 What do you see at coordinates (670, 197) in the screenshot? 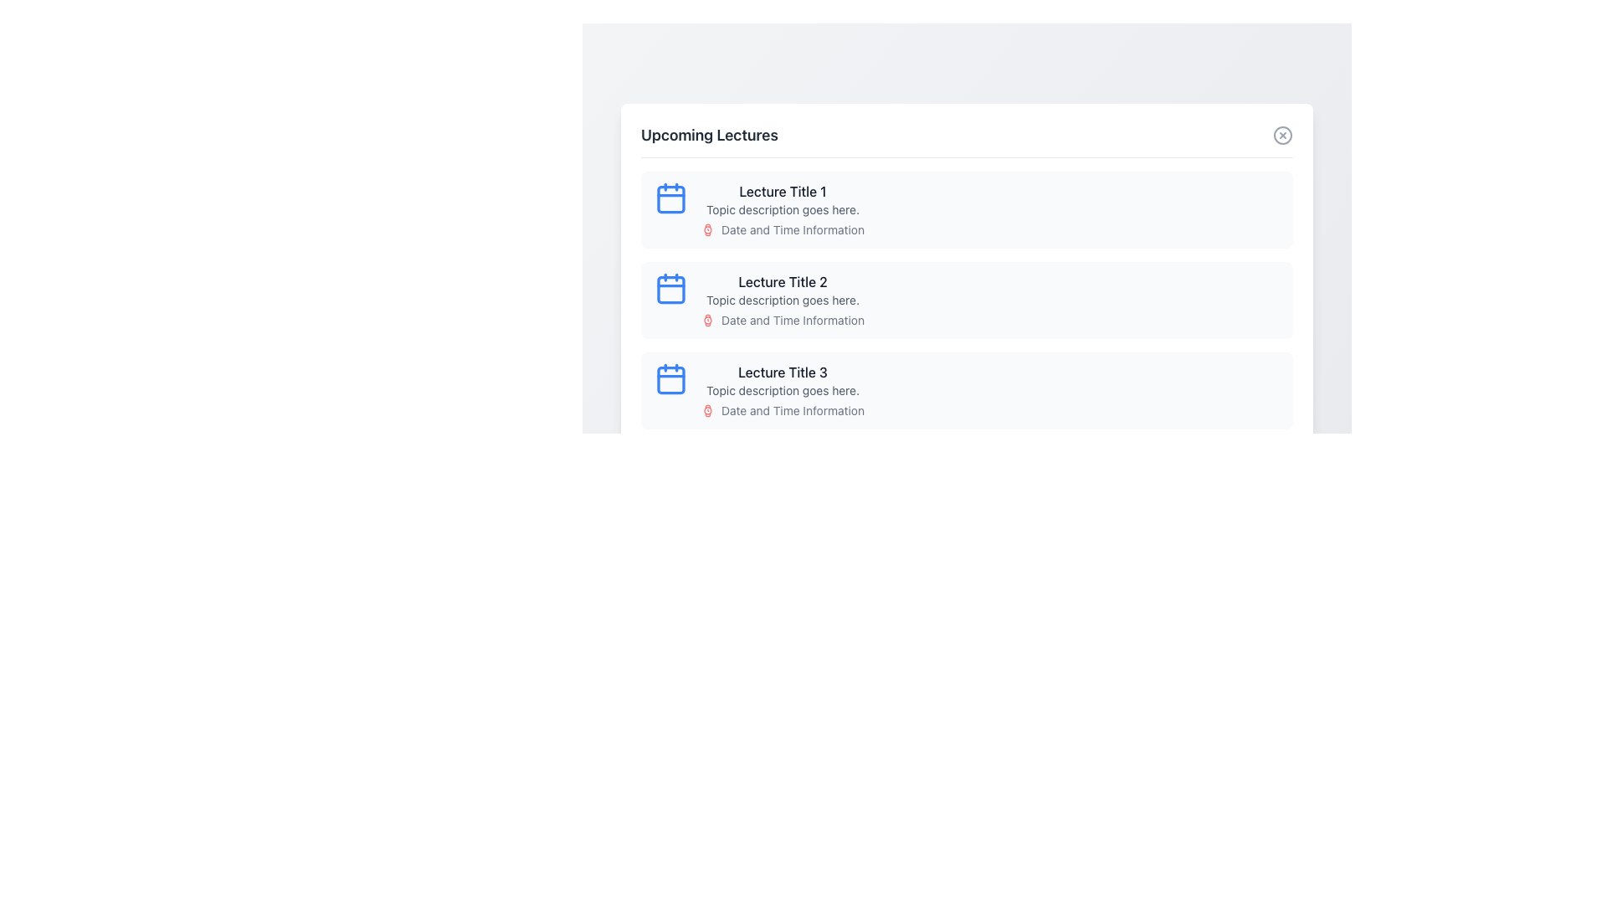
I see `the calendar icon located to the immediate left of the lecture title text for 'Lecture Title 1' in the list of lectures` at bounding box center [670, 197].